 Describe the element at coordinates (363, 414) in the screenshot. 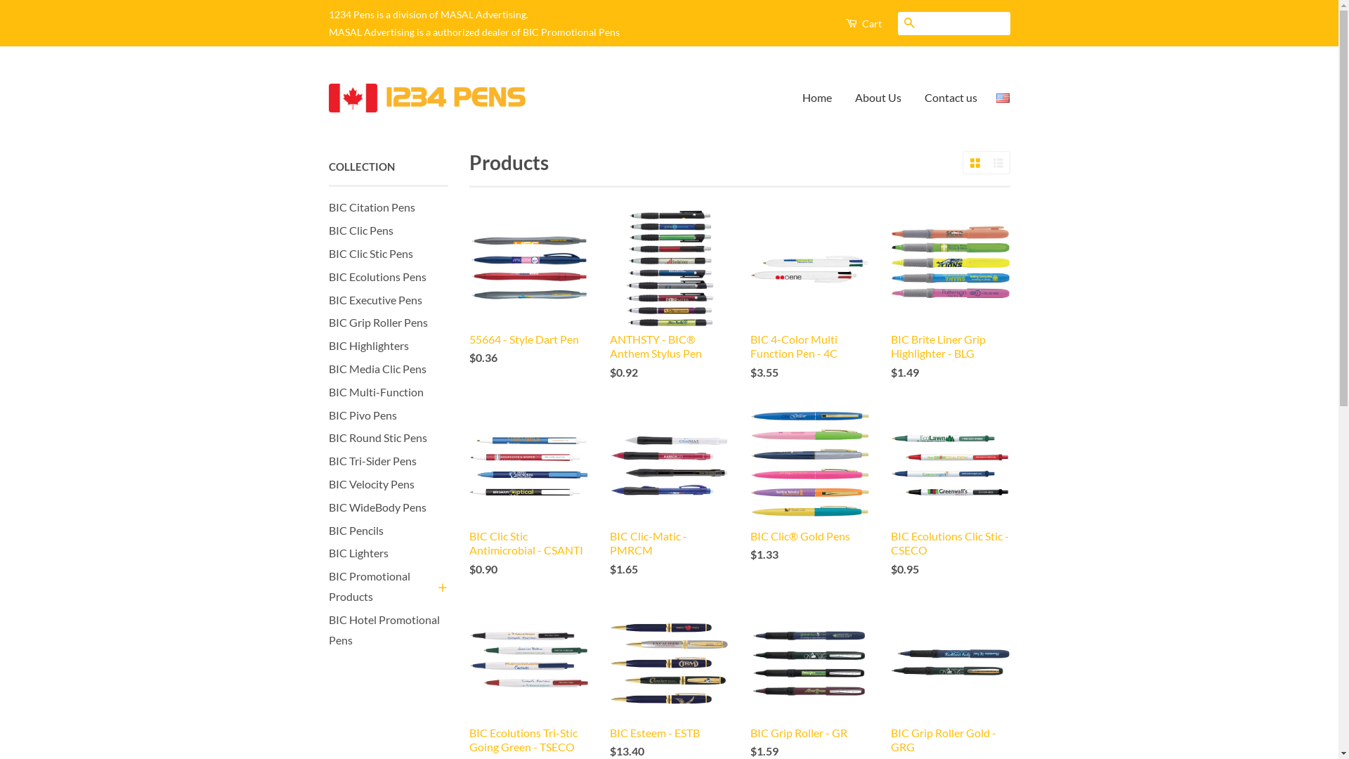

I see `'BIC Pivo Pens'` at that location.